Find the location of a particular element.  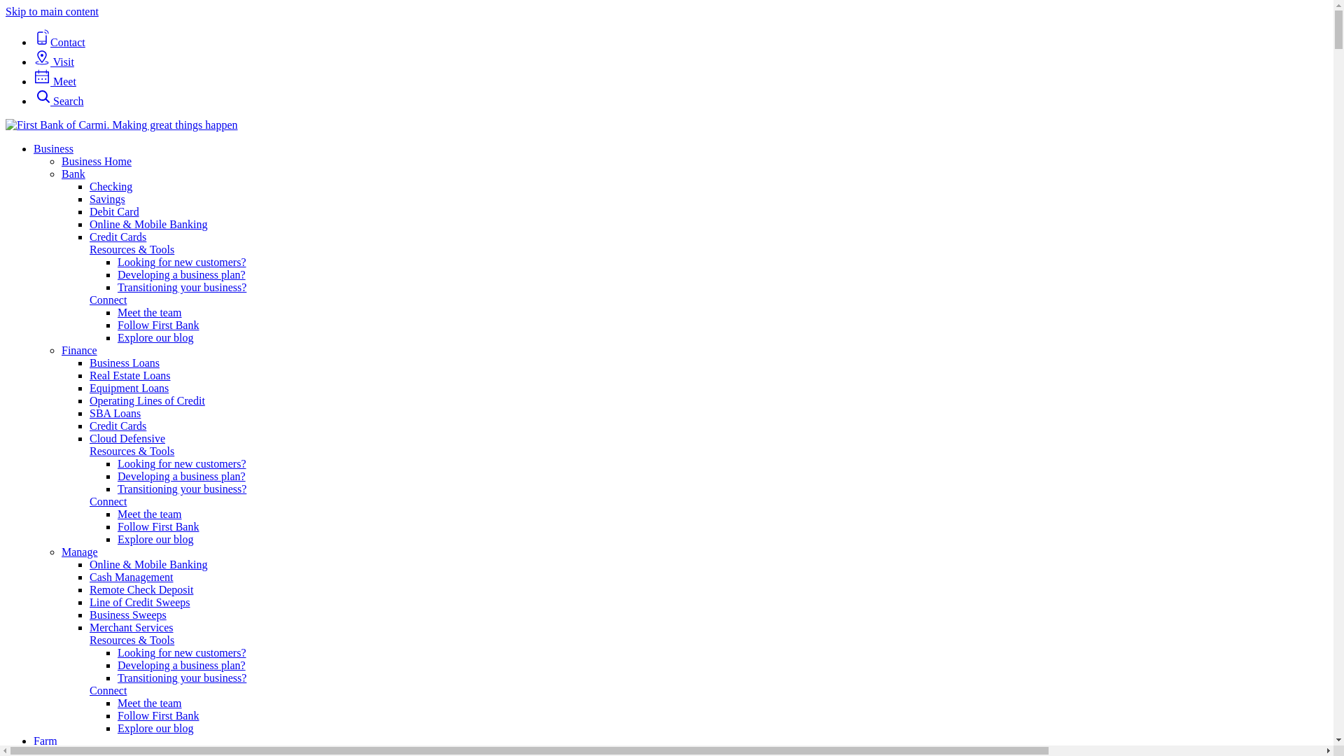

'Online & Mobile Banking' is located at coordinates (148, 563).